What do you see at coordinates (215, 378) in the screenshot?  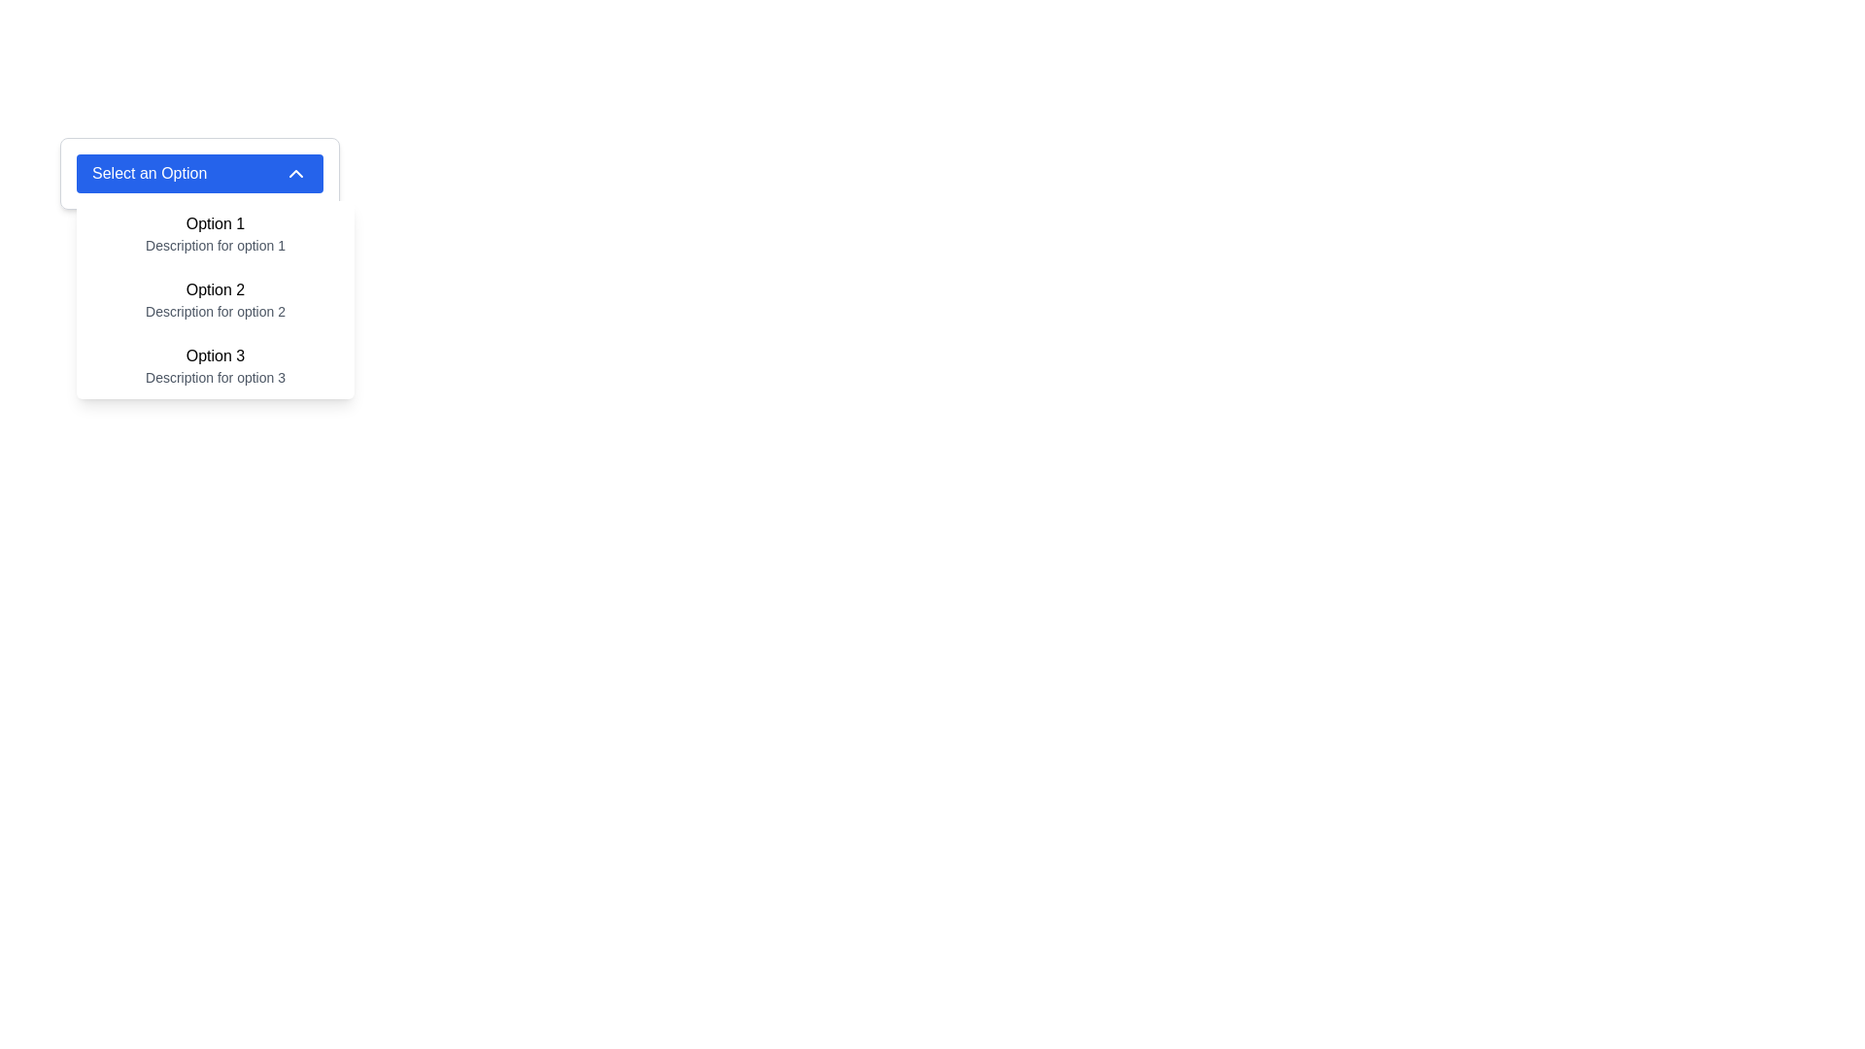 I see `the text label that displays 'Description for option 3', which is located directly below the 'Option 3' title in the third option group of the dropdown menu titled 'Select an Option'` at bounding box center [215, 378].